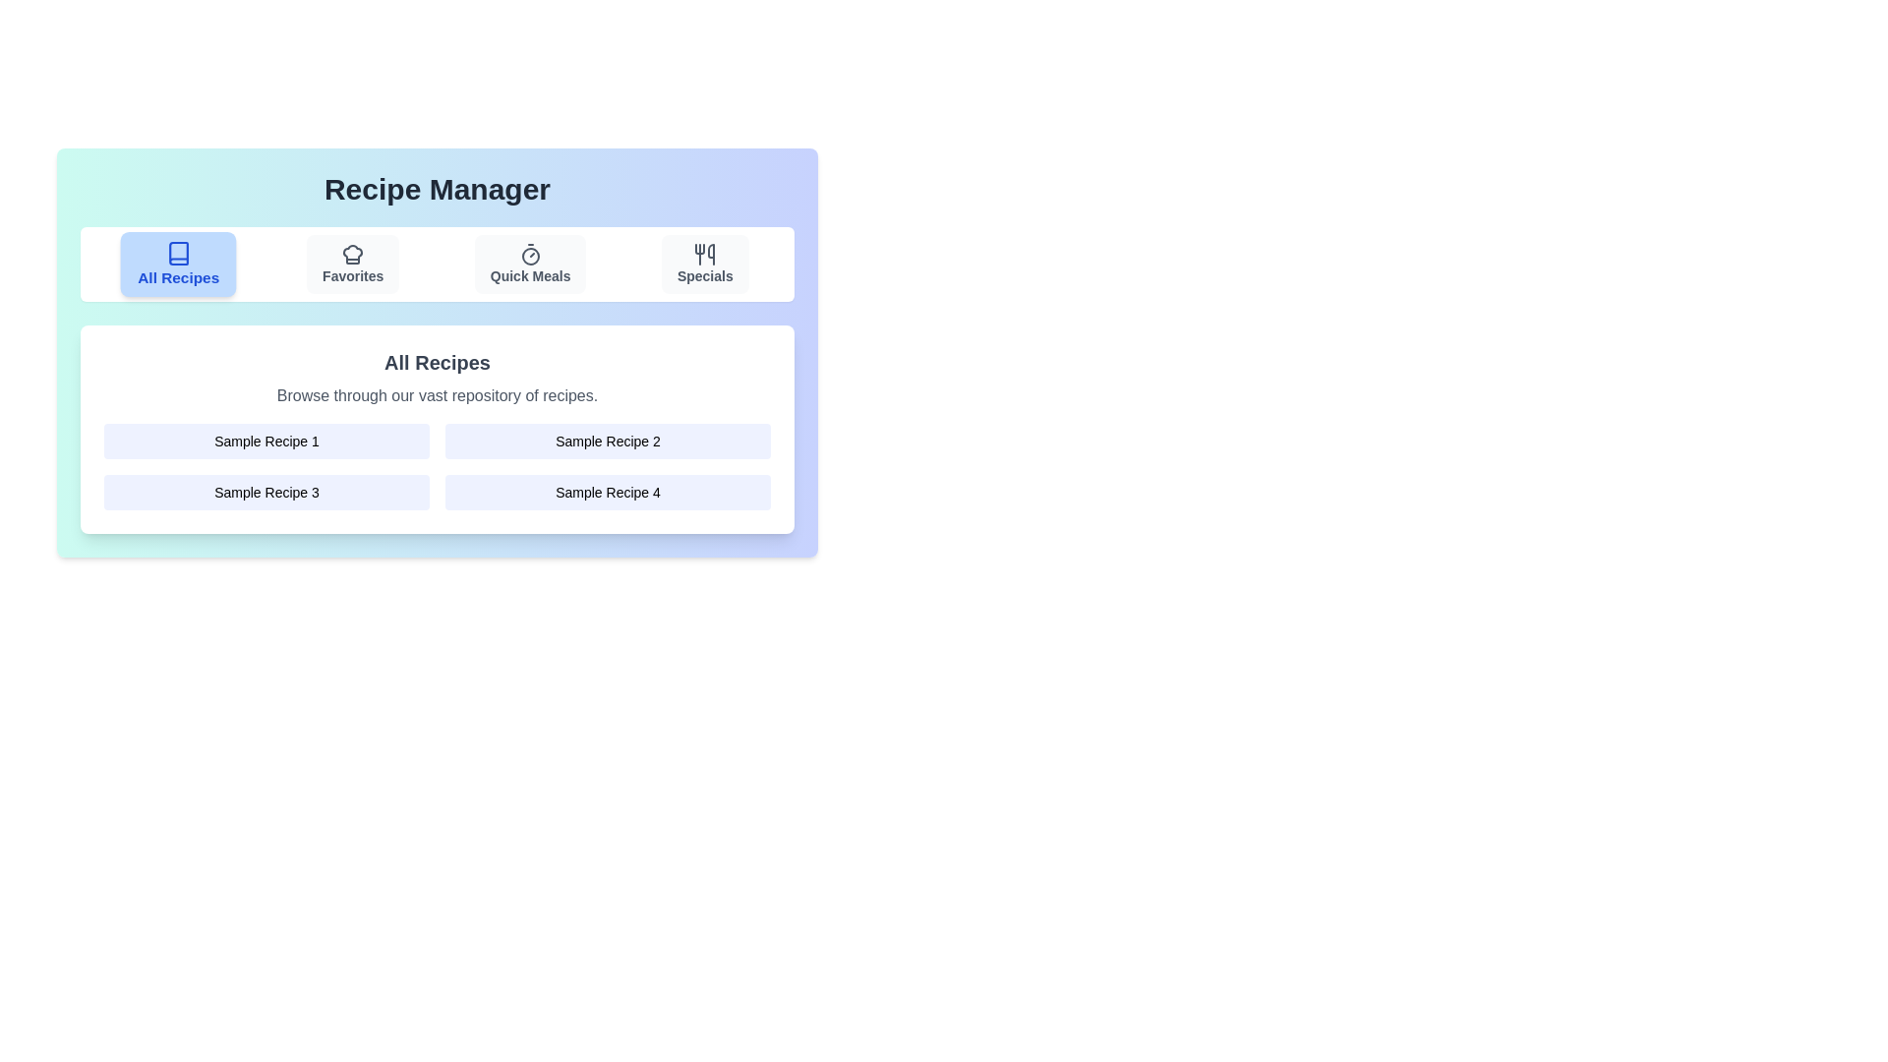 This screenshot has width=1888, height=1062. I want to click on the tab button labeled All Recipes to see its interactive feedback, so click(179, 264).